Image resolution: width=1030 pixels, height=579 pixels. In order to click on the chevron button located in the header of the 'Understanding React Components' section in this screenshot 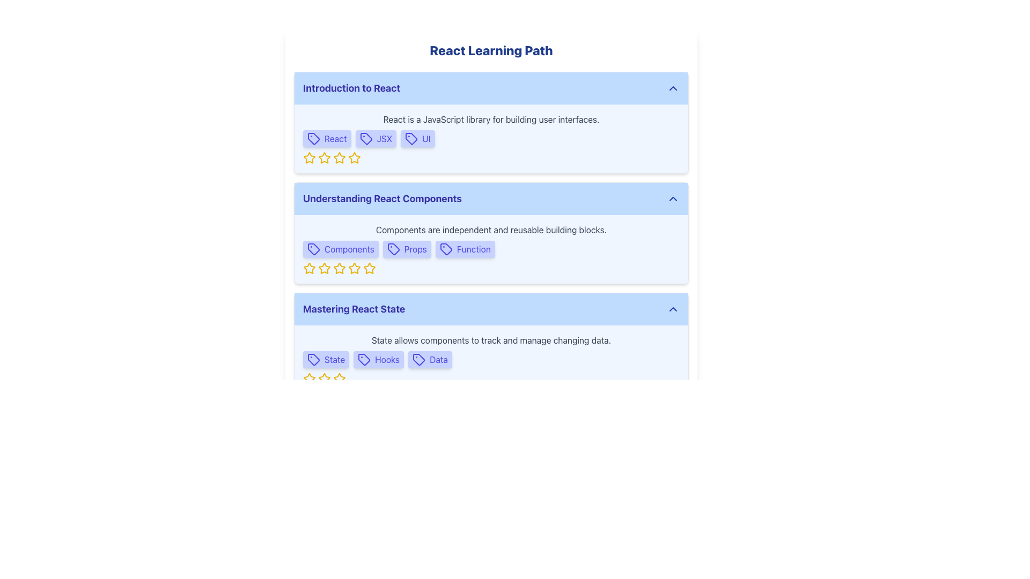, I will do `click(672, 198)`.